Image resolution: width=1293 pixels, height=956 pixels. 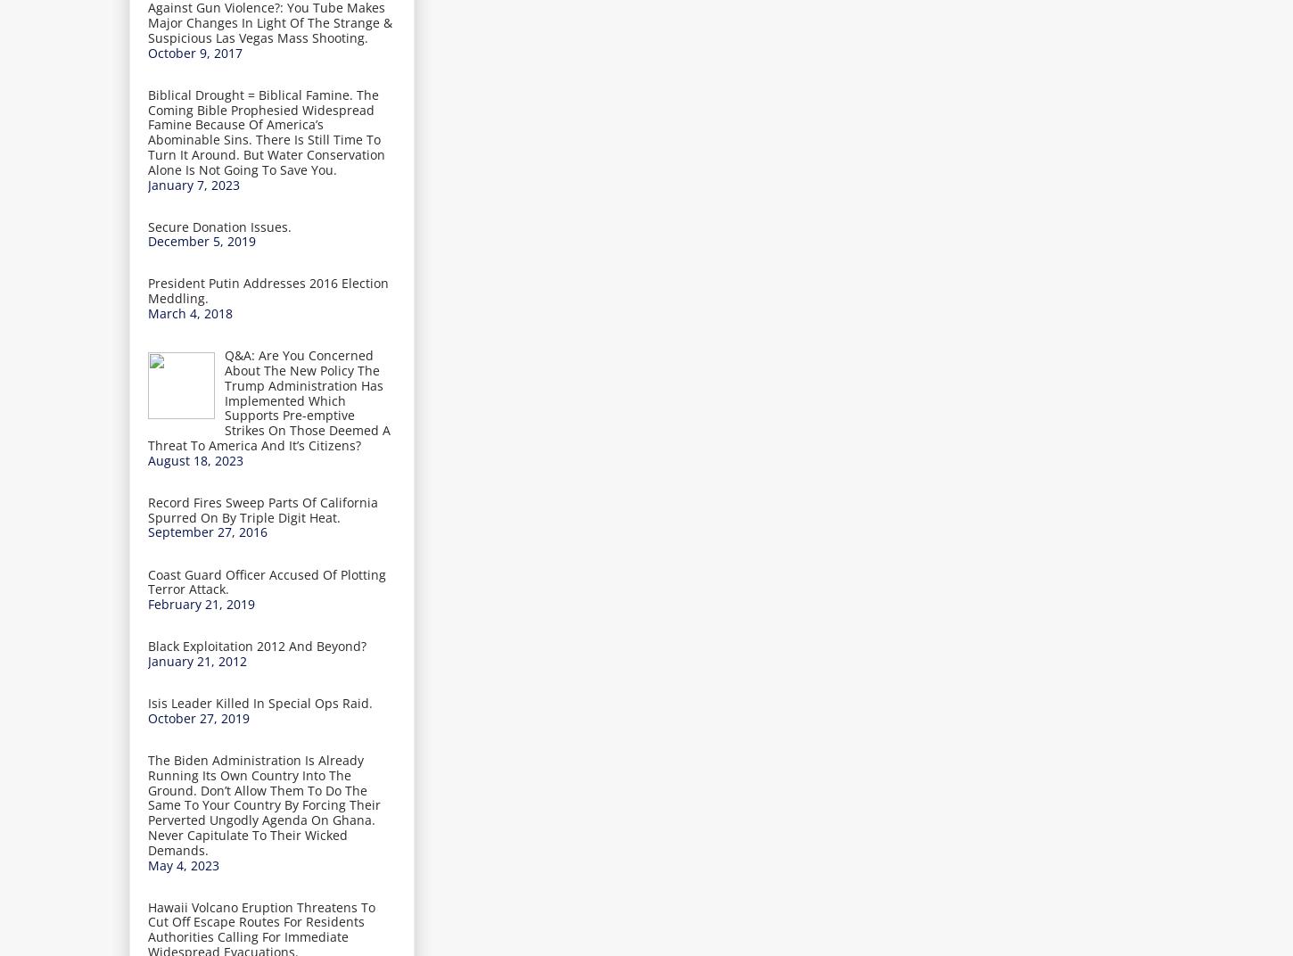 I want to click on 'Isis Leader Killed In Special Ops Raid.', so click(x=147, y=703).